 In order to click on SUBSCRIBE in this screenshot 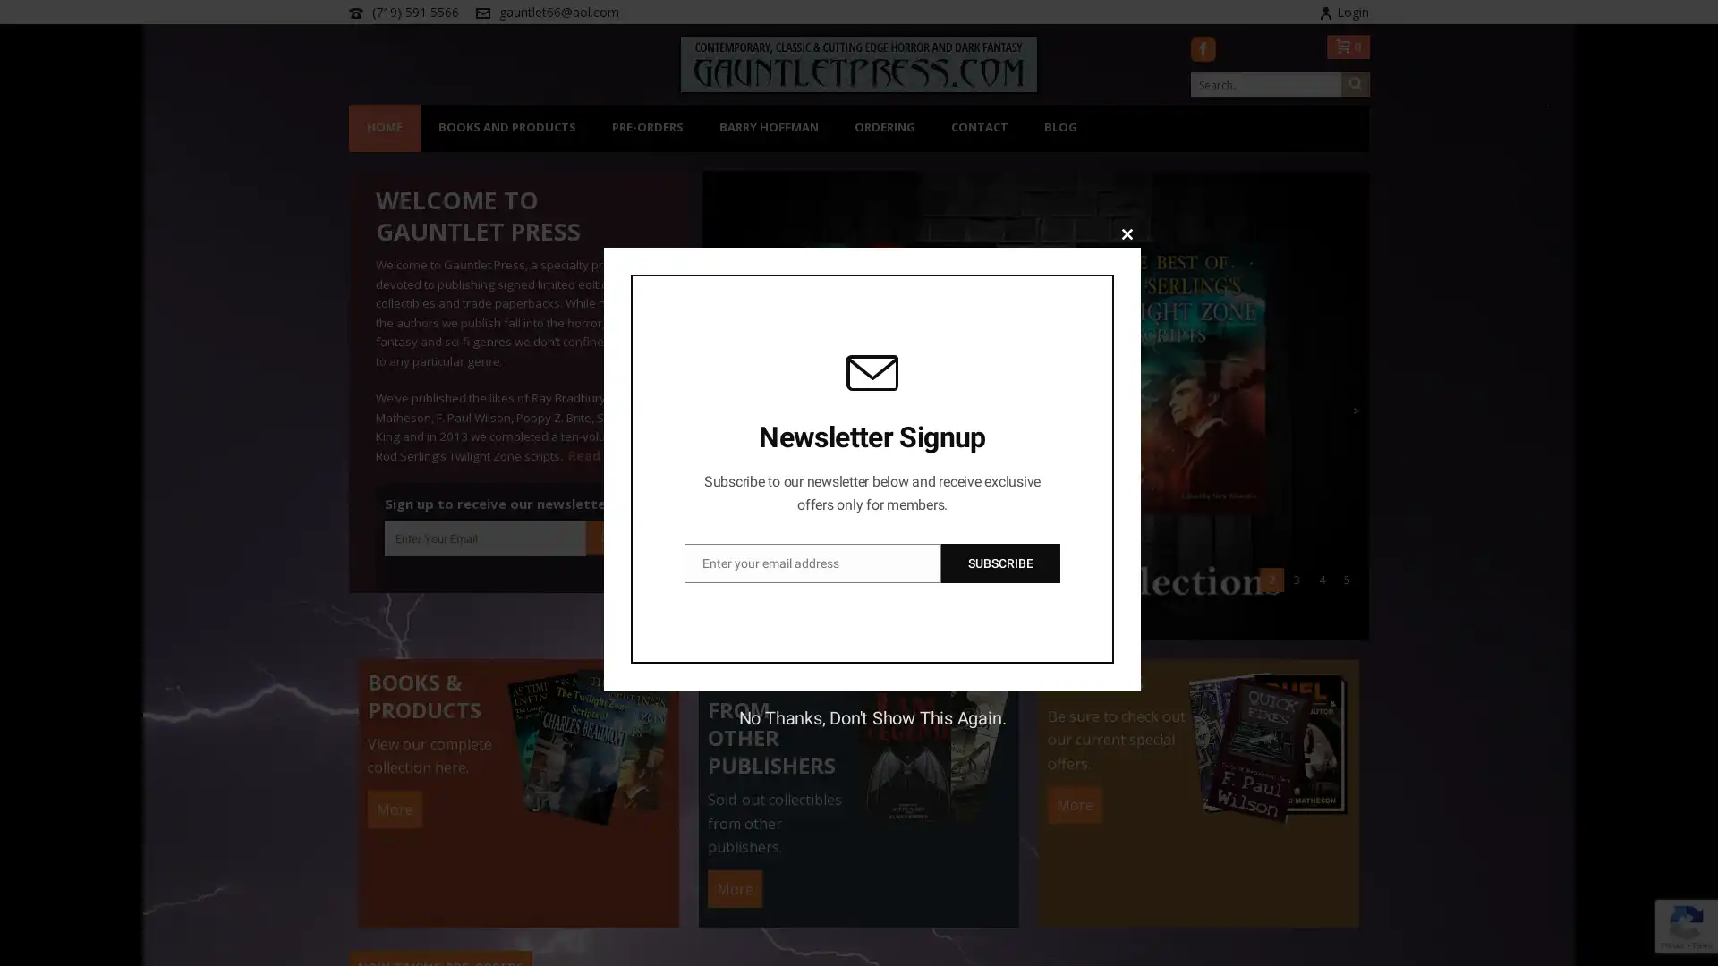, I will do `click(999, 561)`.